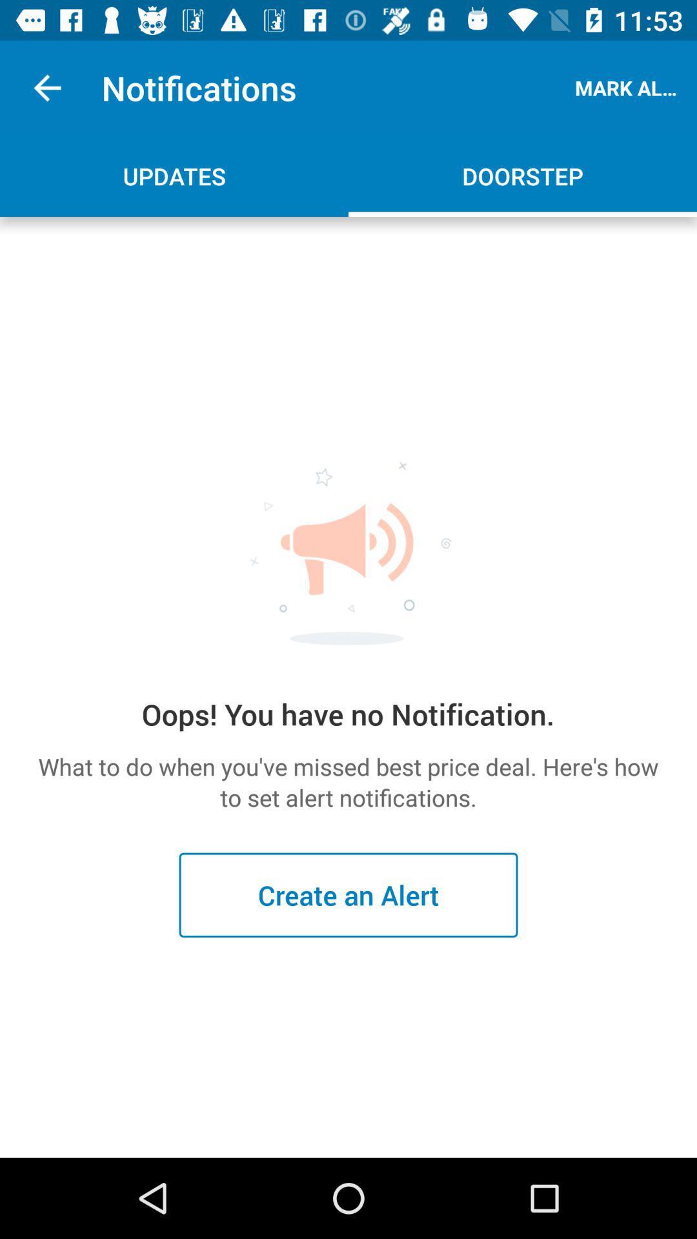 Image resolution: width=697 pixels, height=1239 pixels. Describe the element at coordinates (523, 176) in the screenshot. I see `the icon below the mark all read app` at that location.